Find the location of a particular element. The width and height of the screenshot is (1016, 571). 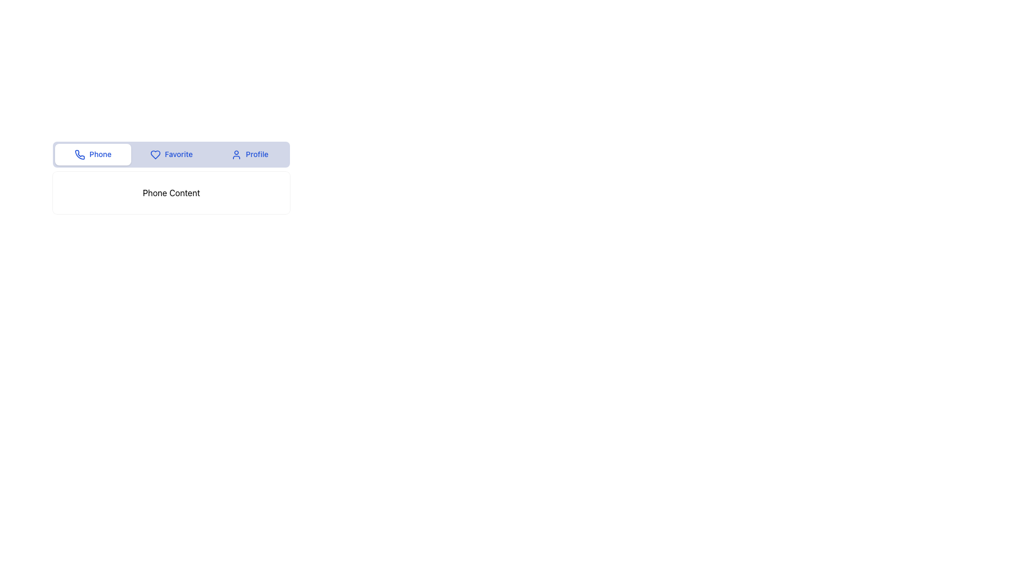

the 'Favorite' icon located centrally inside the 'Favorite' tab, which is the second tab from the left in the horizontal tab list is located at coordinates (155, 155).